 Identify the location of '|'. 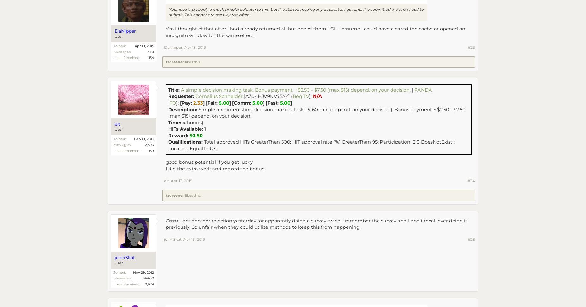
(412, 90).